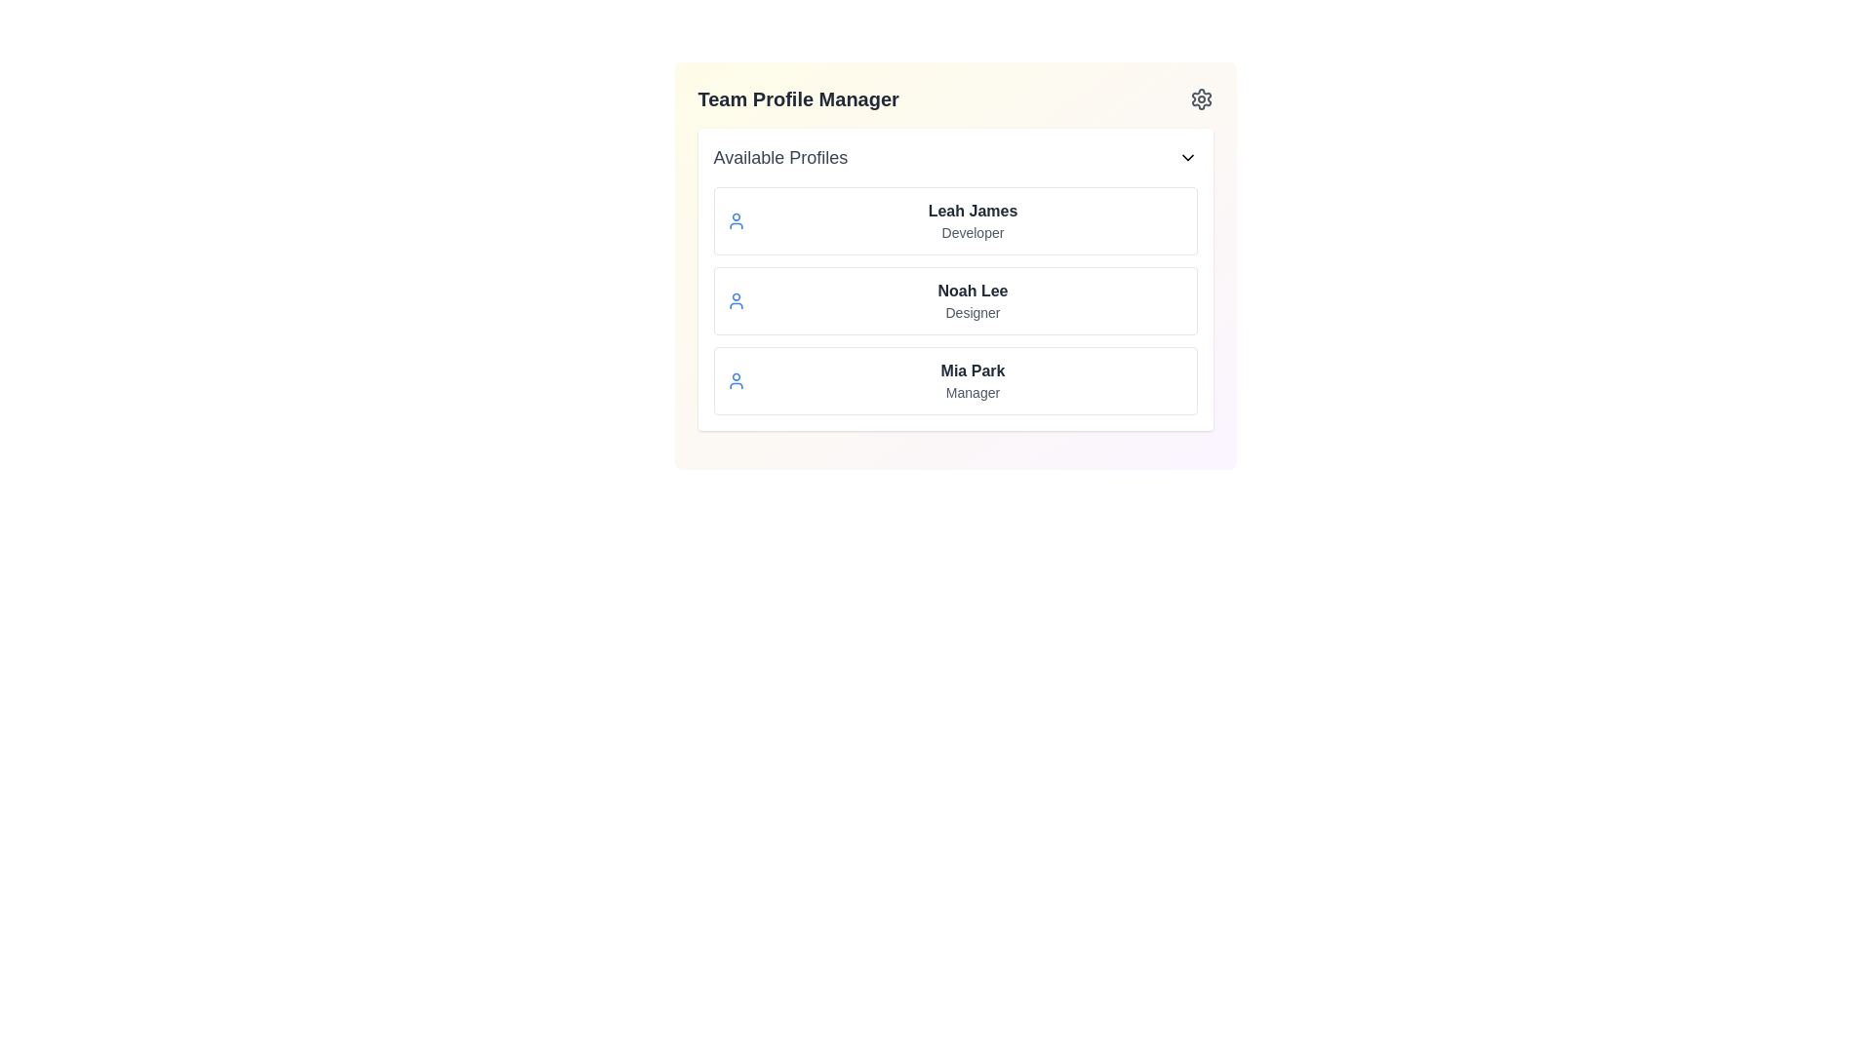  What do you see at coordinates (973, 392) in the screenshot?
I see `the text label displaying 'Manager' in light gray font, which is located below 'Mia Park' in the third profile card` at bounding box center [973, 392].